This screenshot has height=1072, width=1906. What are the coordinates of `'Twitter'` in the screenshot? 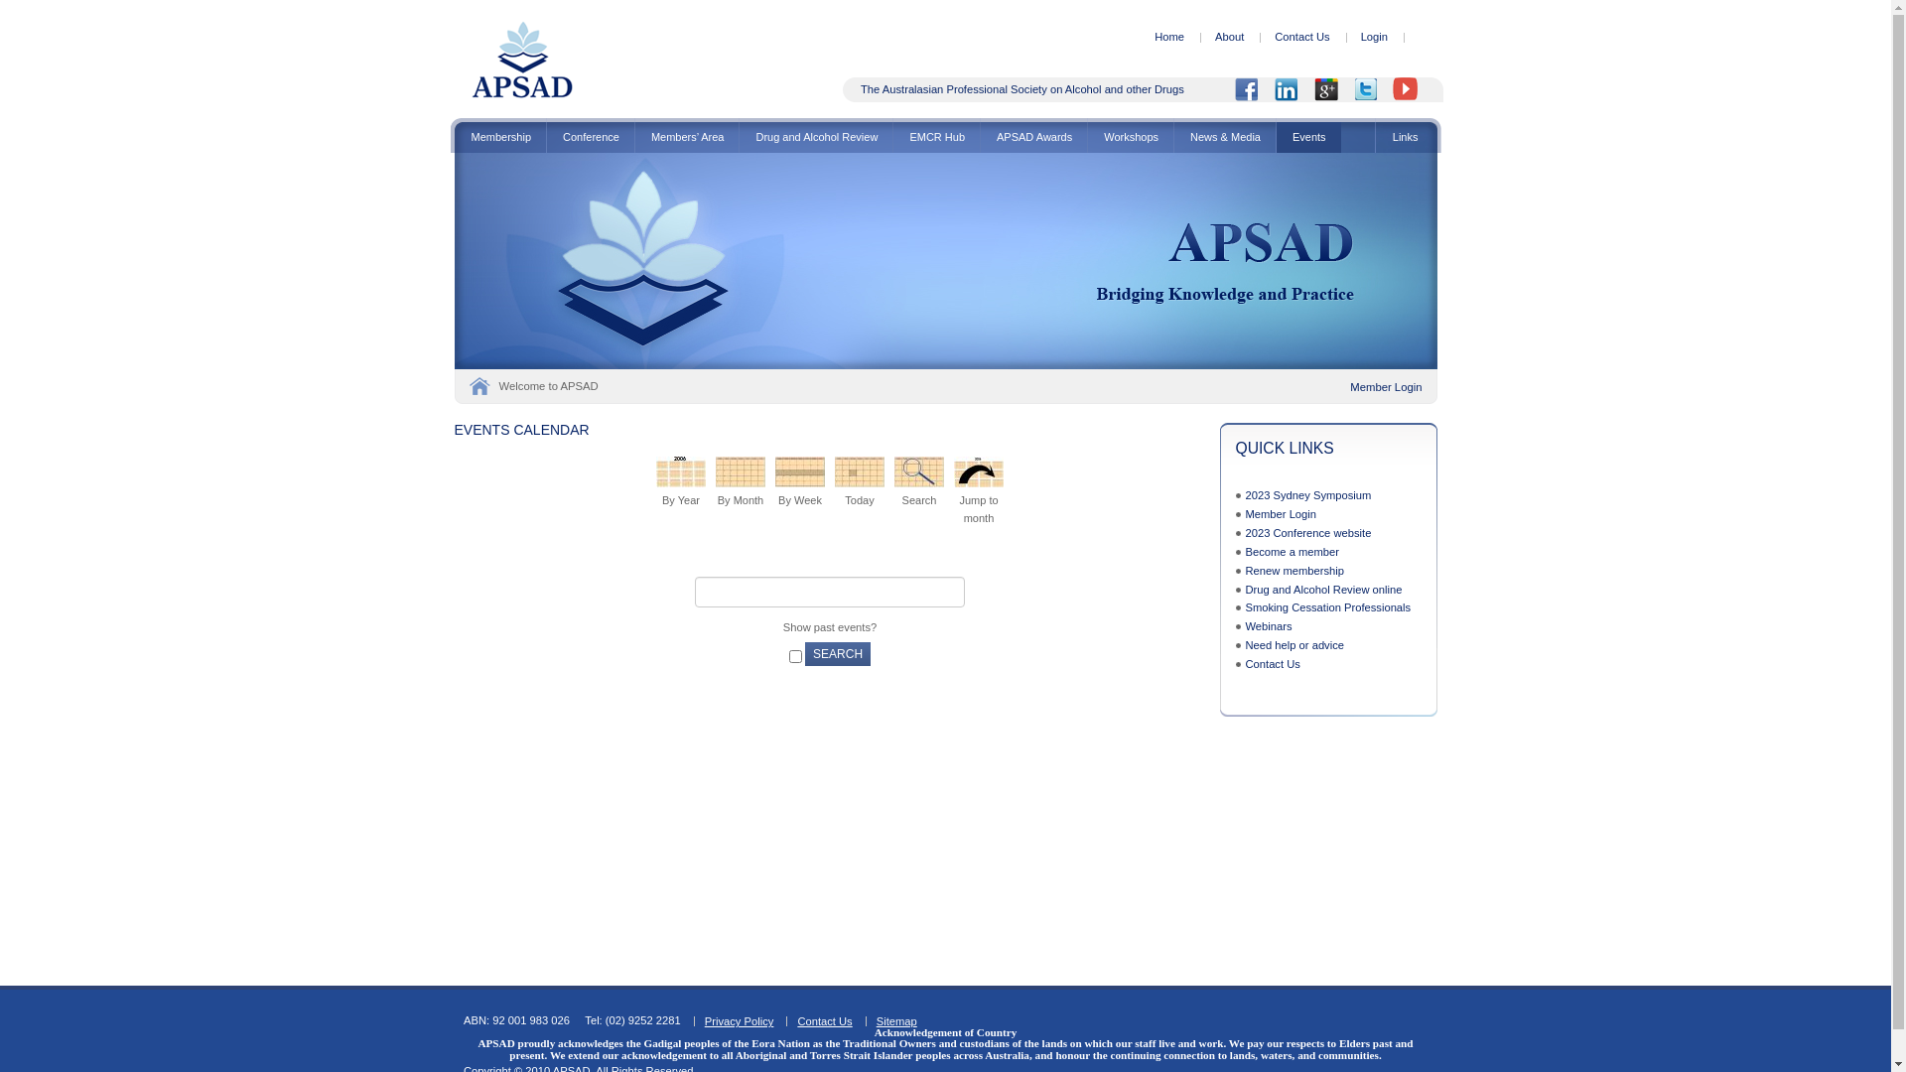 It's located at (1371, 89).